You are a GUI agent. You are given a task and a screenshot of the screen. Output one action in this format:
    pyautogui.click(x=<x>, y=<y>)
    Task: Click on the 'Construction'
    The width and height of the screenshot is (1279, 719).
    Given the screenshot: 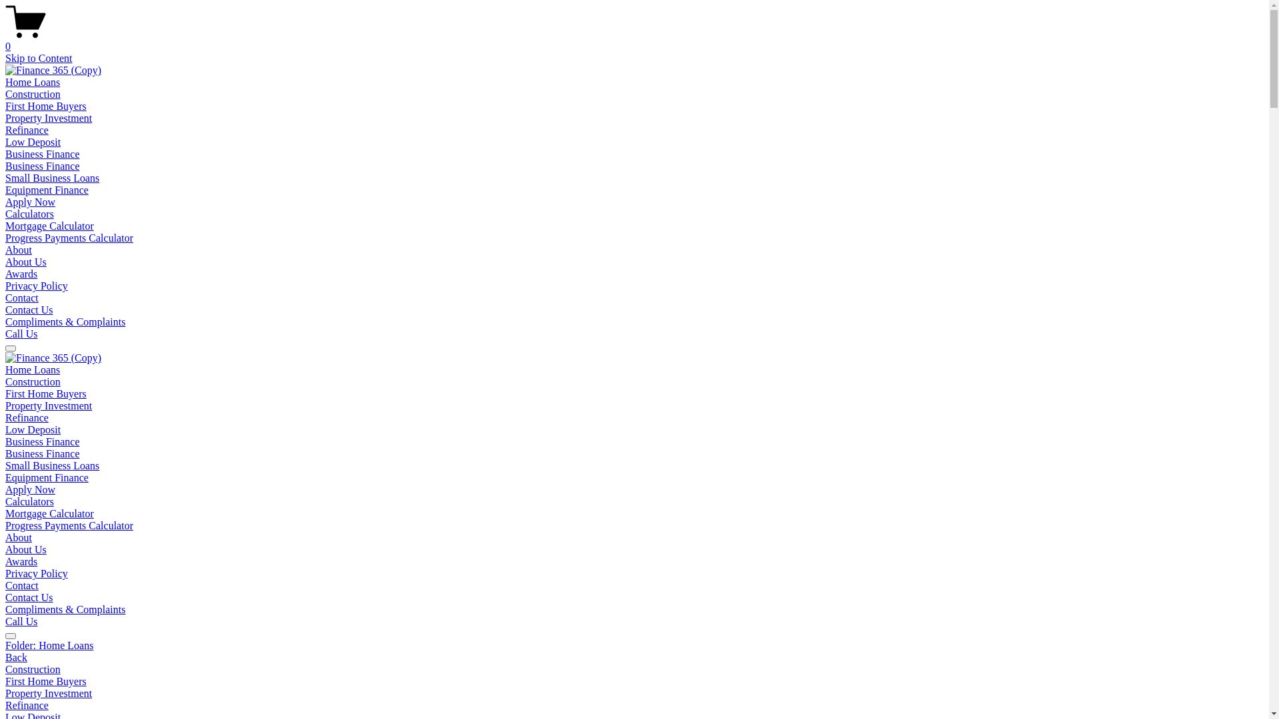 What is the action you would take?
    pyautogui.click(x=5, y=381)
    